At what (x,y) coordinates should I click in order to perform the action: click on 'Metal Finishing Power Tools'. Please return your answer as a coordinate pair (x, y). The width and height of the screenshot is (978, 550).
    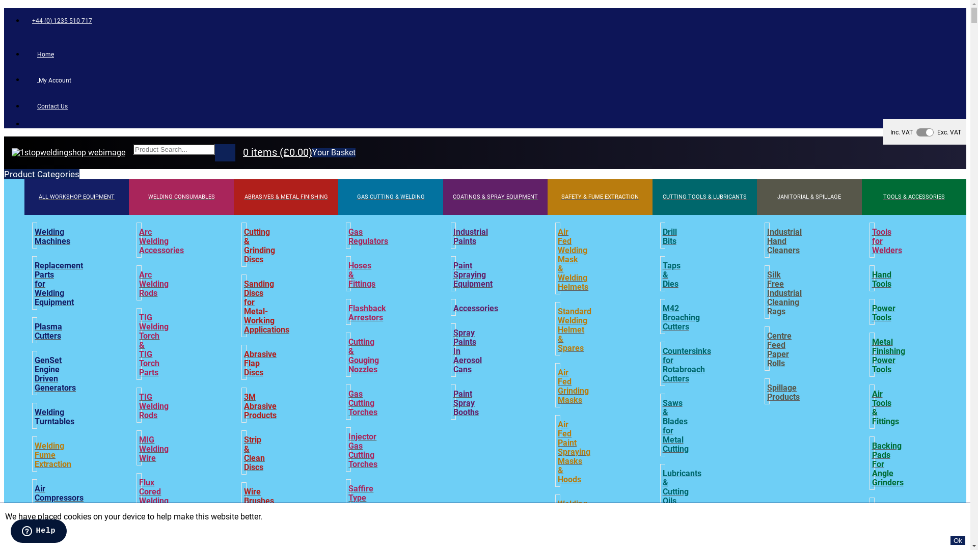
    Looking at the image, I should click on (872, 355).